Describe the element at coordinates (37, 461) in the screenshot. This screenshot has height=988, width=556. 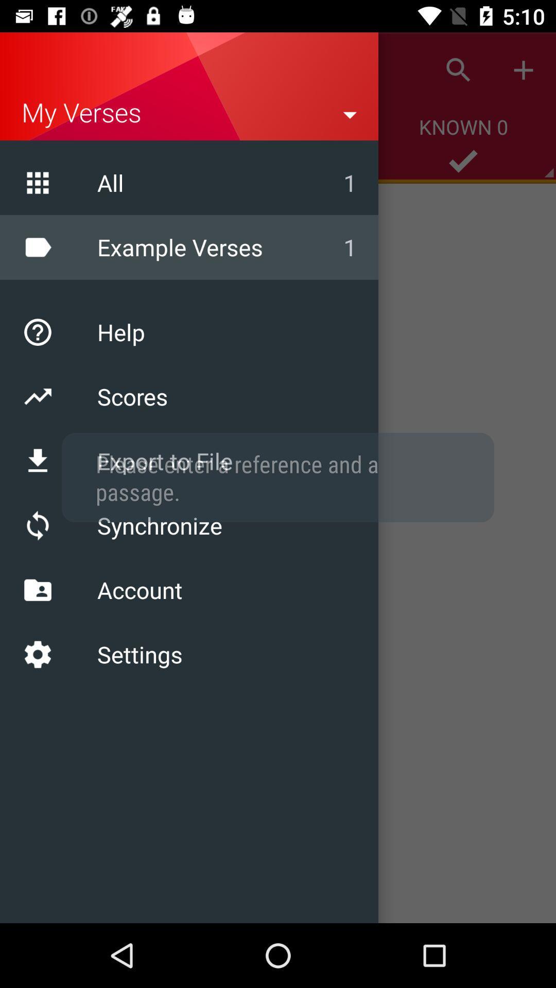
I see `download icon which is above refresh icon on the page` at that location.